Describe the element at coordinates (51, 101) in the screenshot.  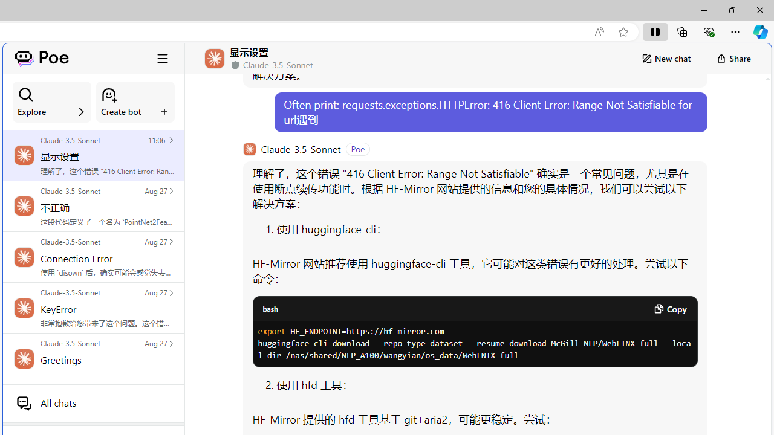
I see `'Explore'` at that location.